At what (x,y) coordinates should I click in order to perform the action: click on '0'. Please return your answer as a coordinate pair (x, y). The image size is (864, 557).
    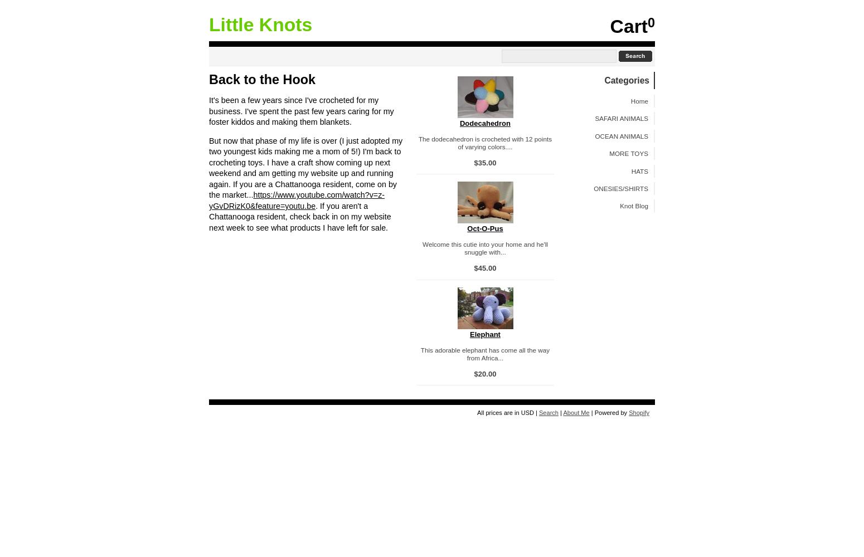
    Looking at the image, I should click on (651, 23).